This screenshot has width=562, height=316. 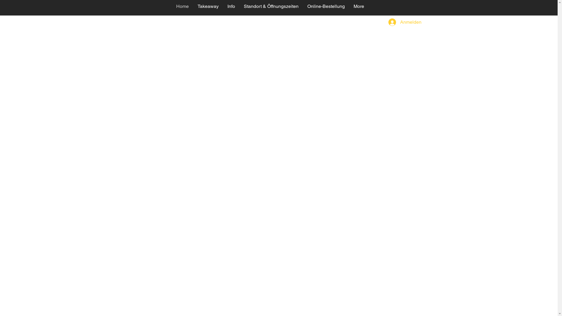 What do you see at coordinates (208, 7) in the screenshot?
I see `'Takeaway'` at bounding box center [208, 7].